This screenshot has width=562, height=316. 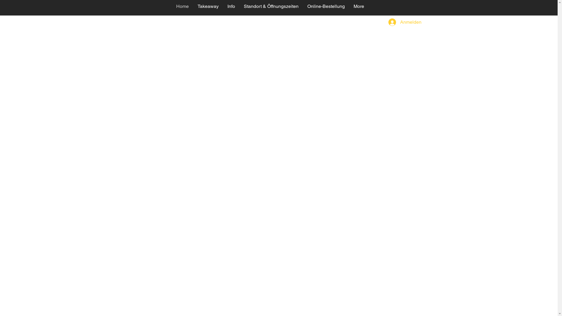 What do you see at coordinates (208, 7) in the screenshot?
I see `'Takeaway'` at bounding box center [208, 7].